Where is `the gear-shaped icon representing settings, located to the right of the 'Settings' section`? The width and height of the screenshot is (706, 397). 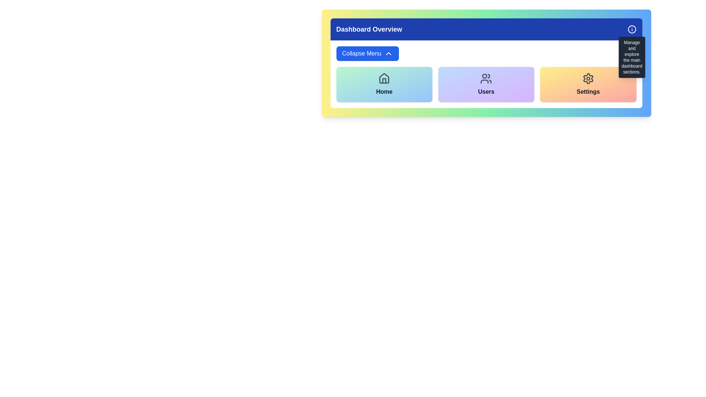
the gear-shaped icon representing settings, located to the right of the 'Settings' section is located at coordinates (588, 78).